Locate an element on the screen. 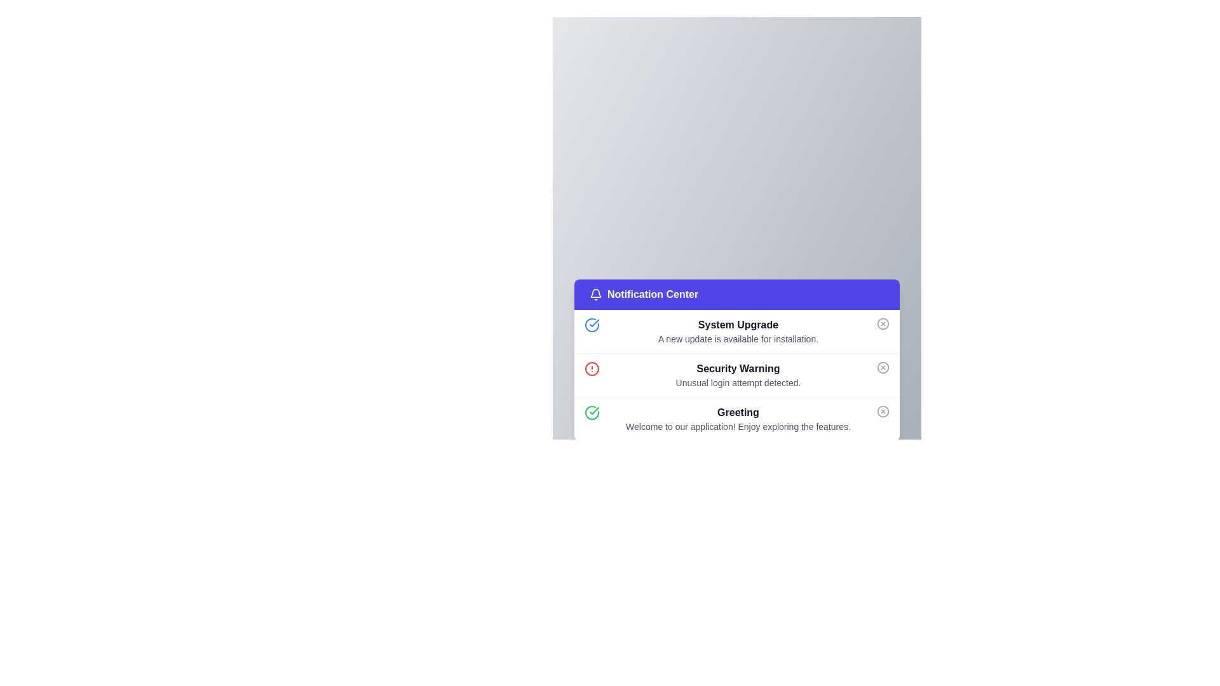 The height and width of the screenshot is (686, 1220). the 'System Upgrade' notification in the Notification Center, which displays 'System Upgrade' in bold black font and 'A new update is available for installation.' in smaller gray font is located at coordinates (738, 330).